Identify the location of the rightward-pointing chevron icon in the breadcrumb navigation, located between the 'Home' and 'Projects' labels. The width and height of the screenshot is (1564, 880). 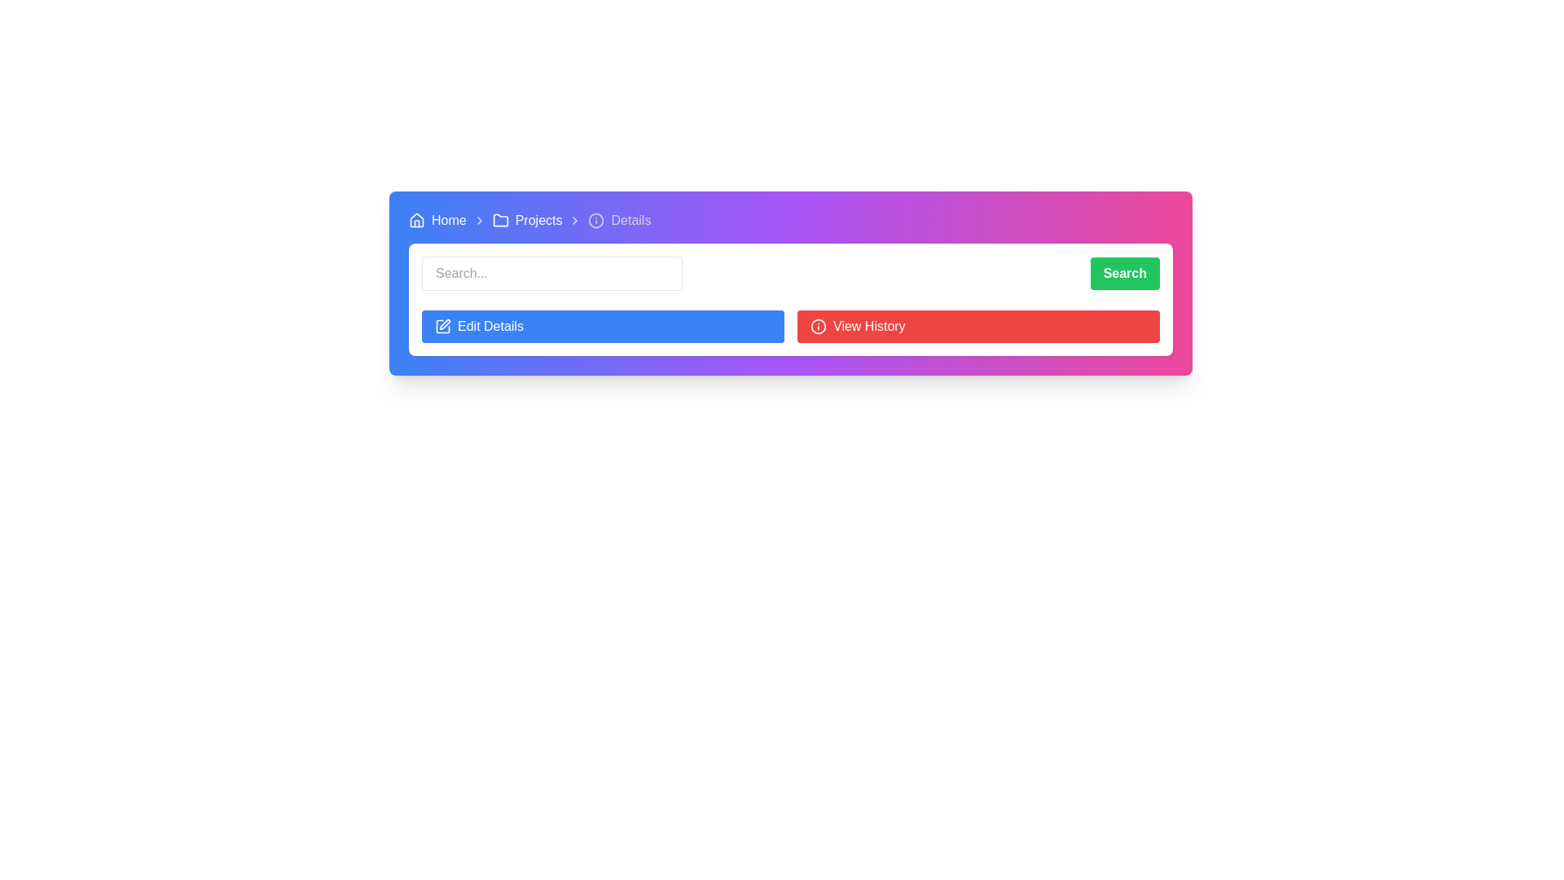
(478, 220).